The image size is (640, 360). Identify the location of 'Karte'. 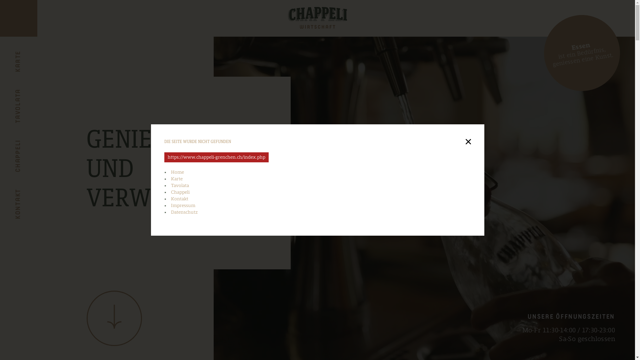
(176, 178).